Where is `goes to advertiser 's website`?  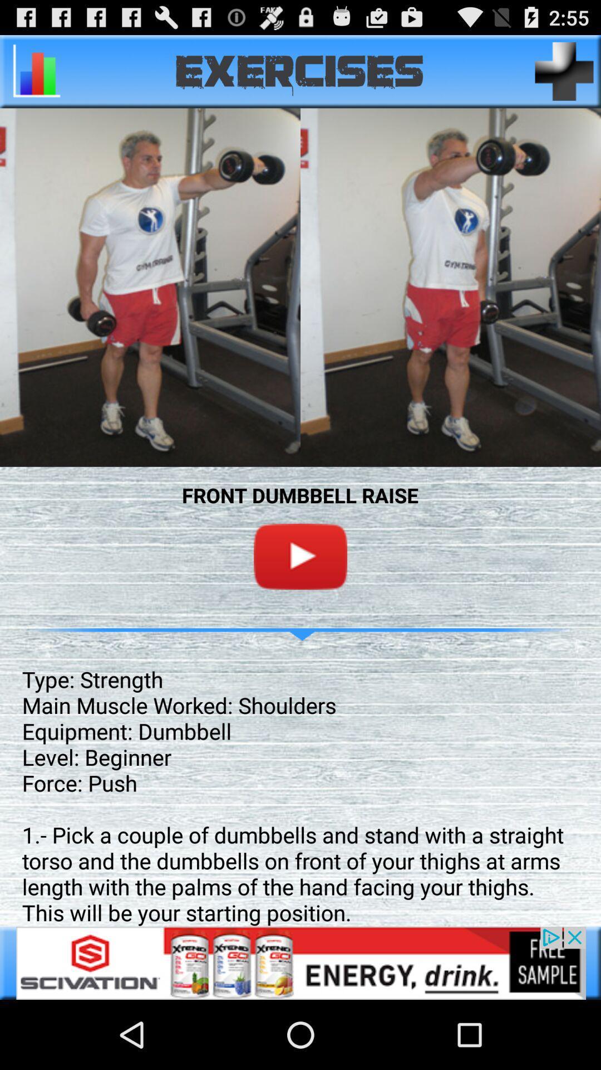
goes to advertiser 's website is located at coordinates (300, 962).